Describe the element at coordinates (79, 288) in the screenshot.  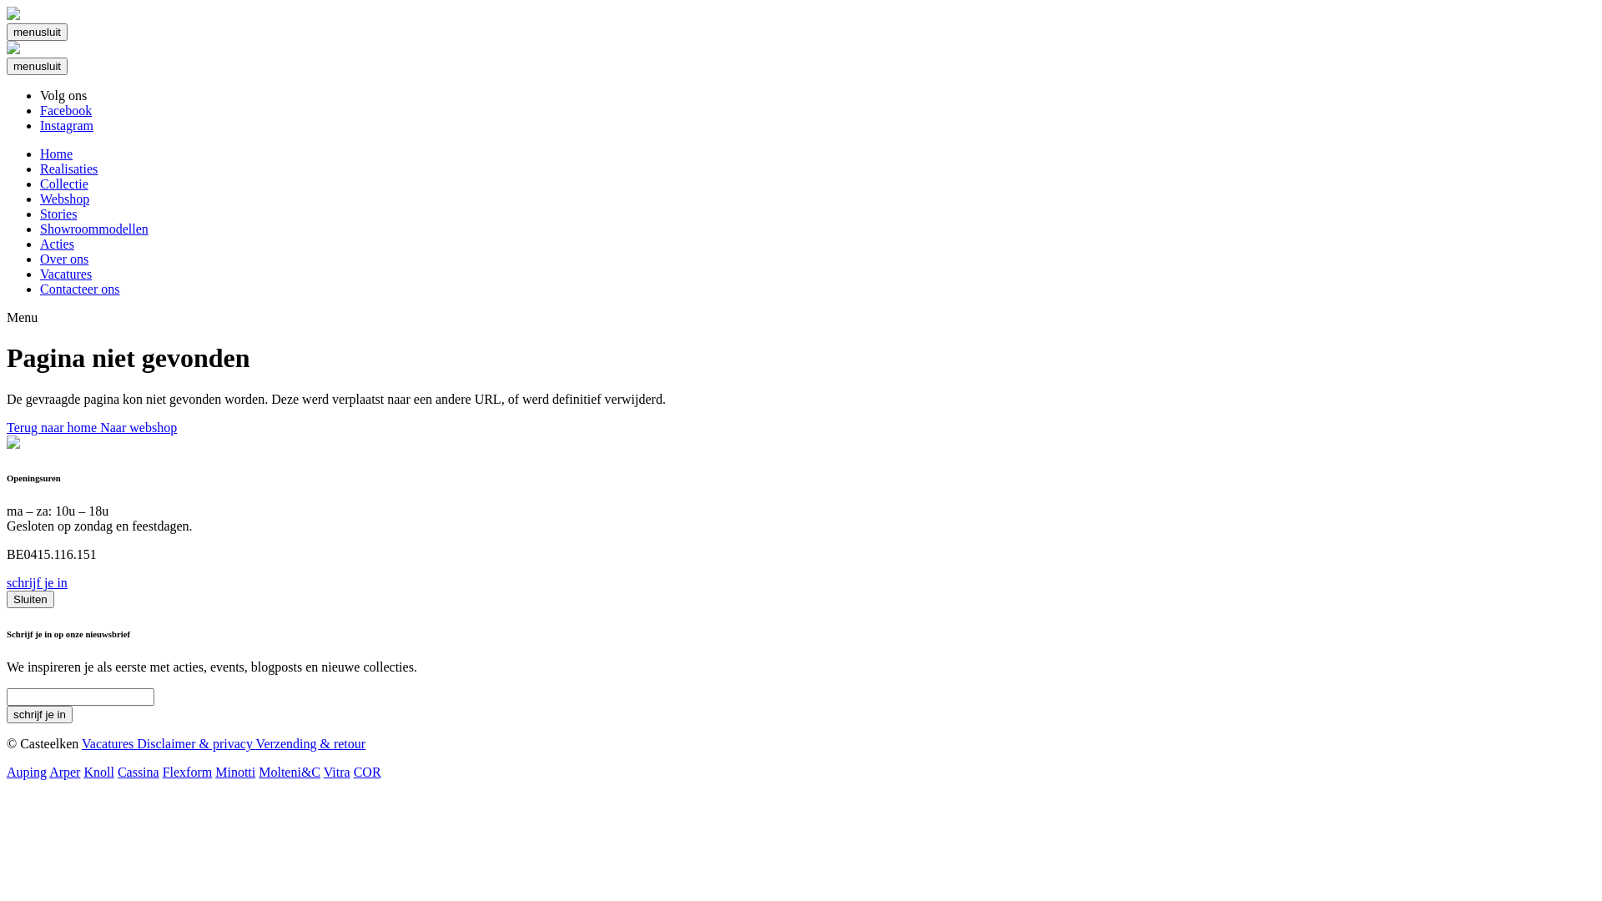
I see `'Contacteer ons'` at that location.